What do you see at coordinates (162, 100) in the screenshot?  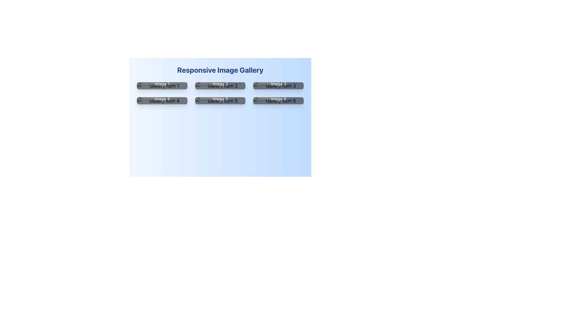 I see `the 'Image' component labeled as 'Gallery Item 4' by moving the cursor to its center point` at bounding box center [162, 100].